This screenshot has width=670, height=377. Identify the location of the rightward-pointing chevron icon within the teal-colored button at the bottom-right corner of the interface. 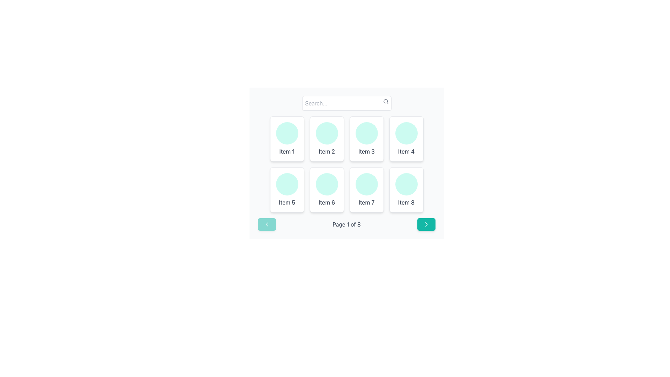
(426, 224).